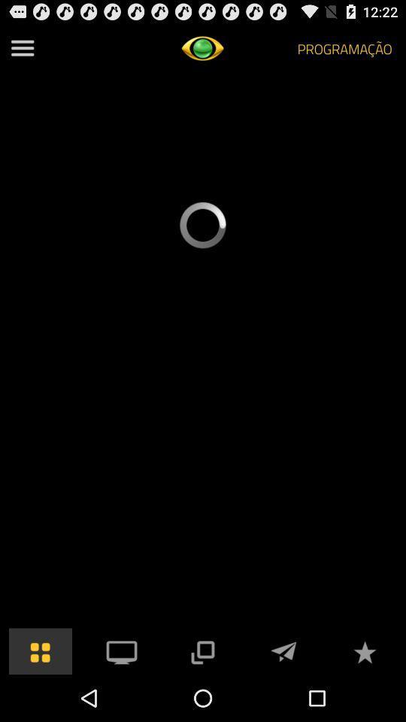  I want to click on bring up icons, so click(41, 650).